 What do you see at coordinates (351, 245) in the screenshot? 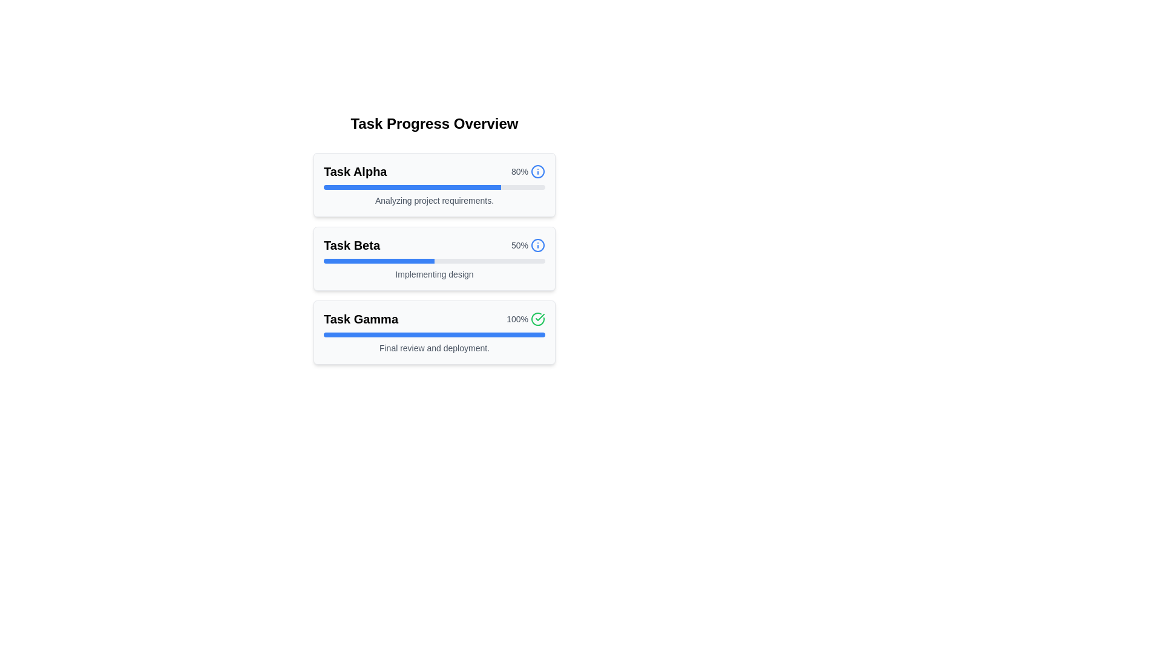
I see `the text label displaying 'Task Beta'` at bounding box center [351, 245].